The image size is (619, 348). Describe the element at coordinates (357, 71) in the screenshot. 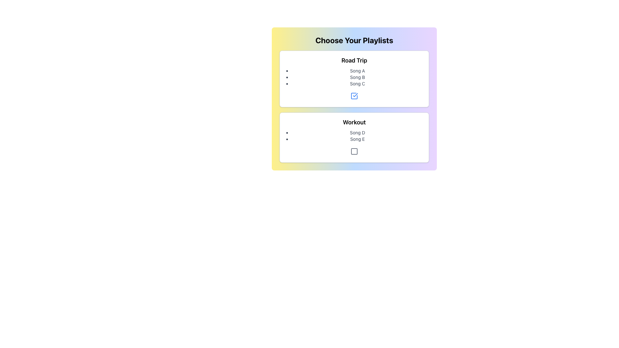

I see `the static text element displaying 'Song A', which is the first item in the bulleted list under the 'Road Trip' header` at that location.